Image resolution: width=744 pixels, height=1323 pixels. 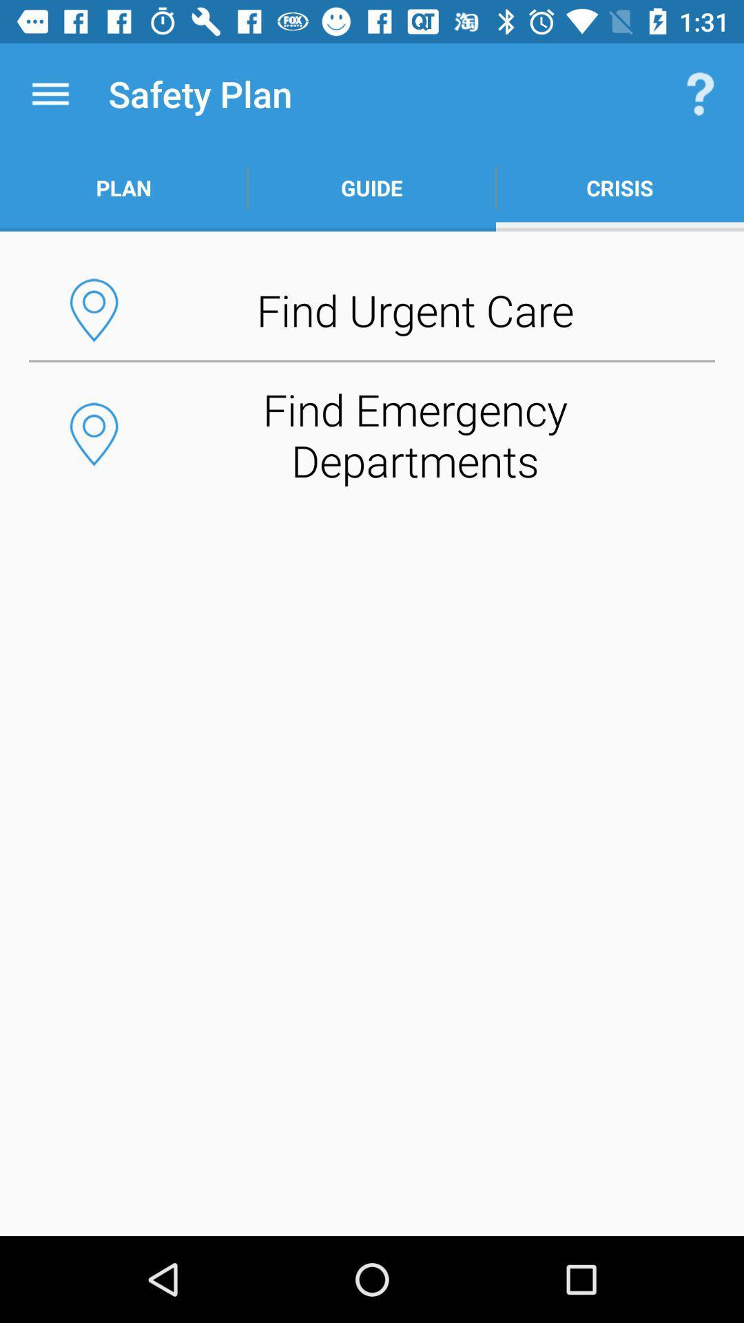 What do you see at coordinates (50, 93) in the screenshot?
I see `the icon to the left of safety plan` at bounding box center [50, 93].